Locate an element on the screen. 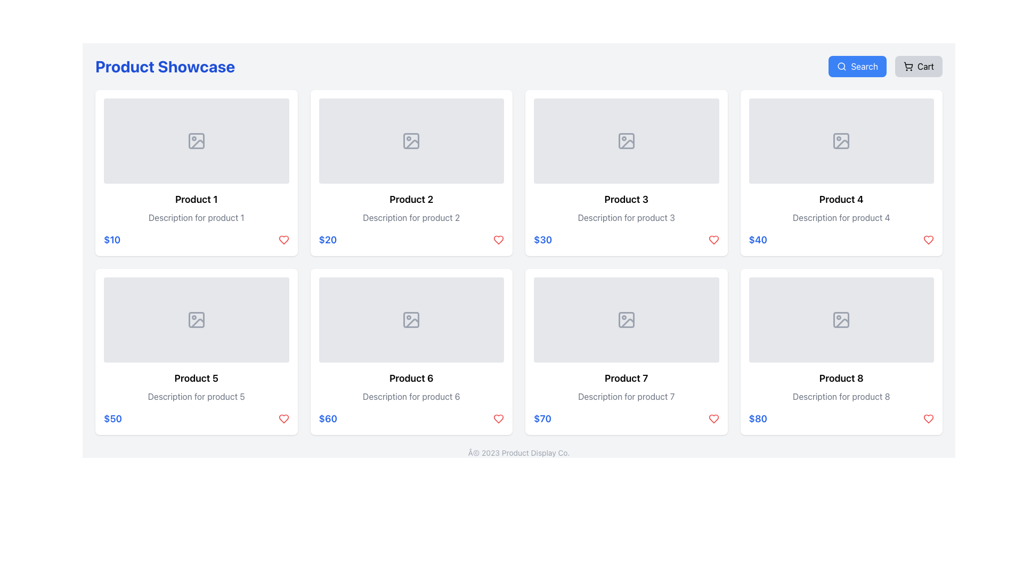 The image size is (1023, 575). the Image Placeholder located in the 'Product 7' card, which is the second card from the left in the bottom row, indicating where the visual representation of the product would appear is located at coordinates (626, 319).